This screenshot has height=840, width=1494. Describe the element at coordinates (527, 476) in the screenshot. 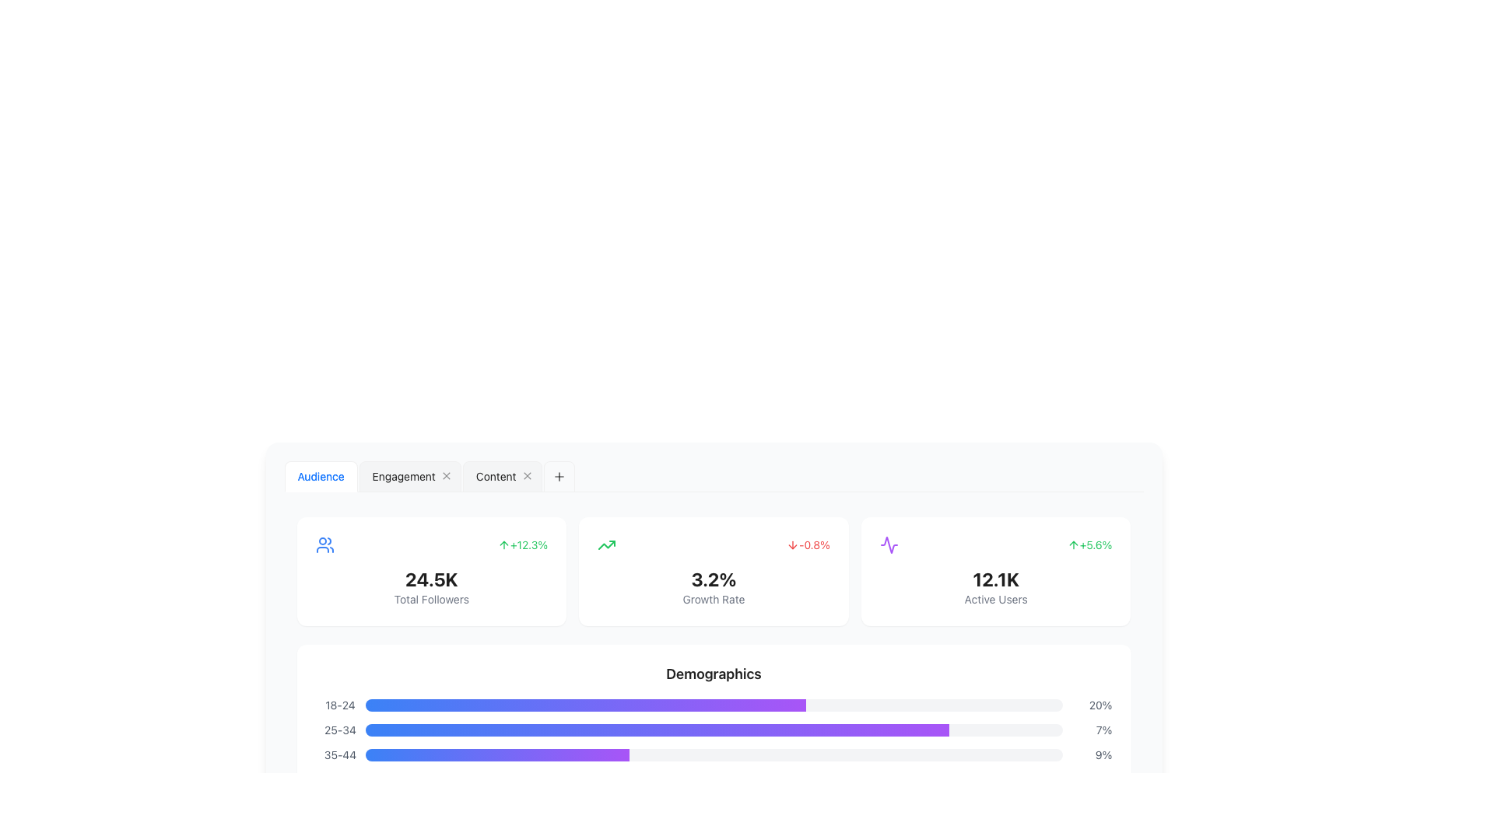

I see `the remove or close button located to the right of the 'Content' tab in the tabbed navigation bar` at that location.